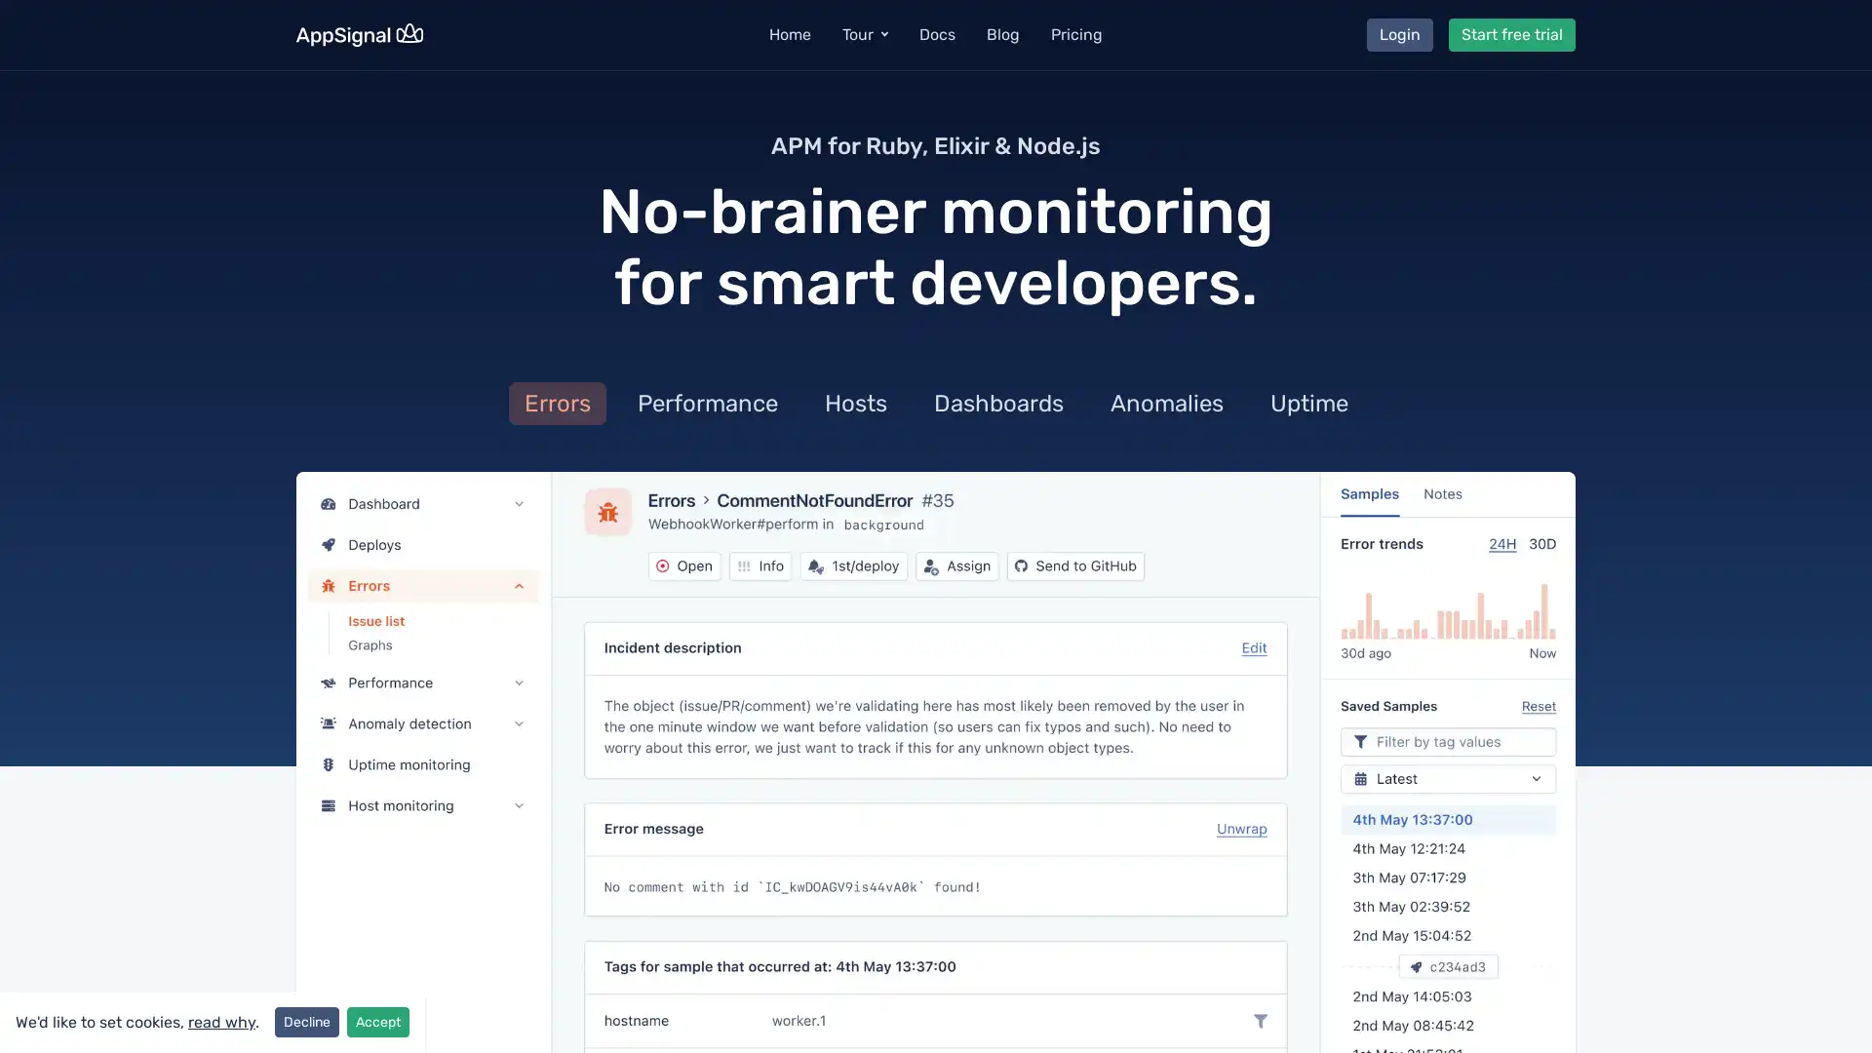 The image size is (1872, 1053). What do you see at coordinates (855, 401) in the screenshot?
I see `Hosts` at bounding box center [855, 401].